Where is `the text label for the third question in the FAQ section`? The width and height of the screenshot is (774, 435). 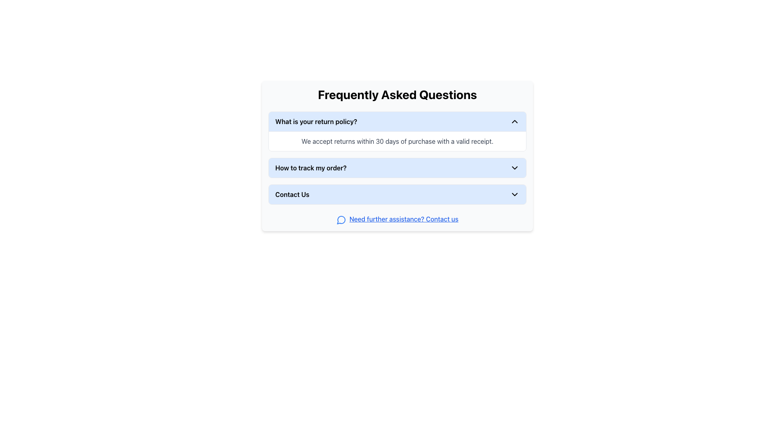
the text label for the third question in the FAQ section is located at coordinates (292, 194).